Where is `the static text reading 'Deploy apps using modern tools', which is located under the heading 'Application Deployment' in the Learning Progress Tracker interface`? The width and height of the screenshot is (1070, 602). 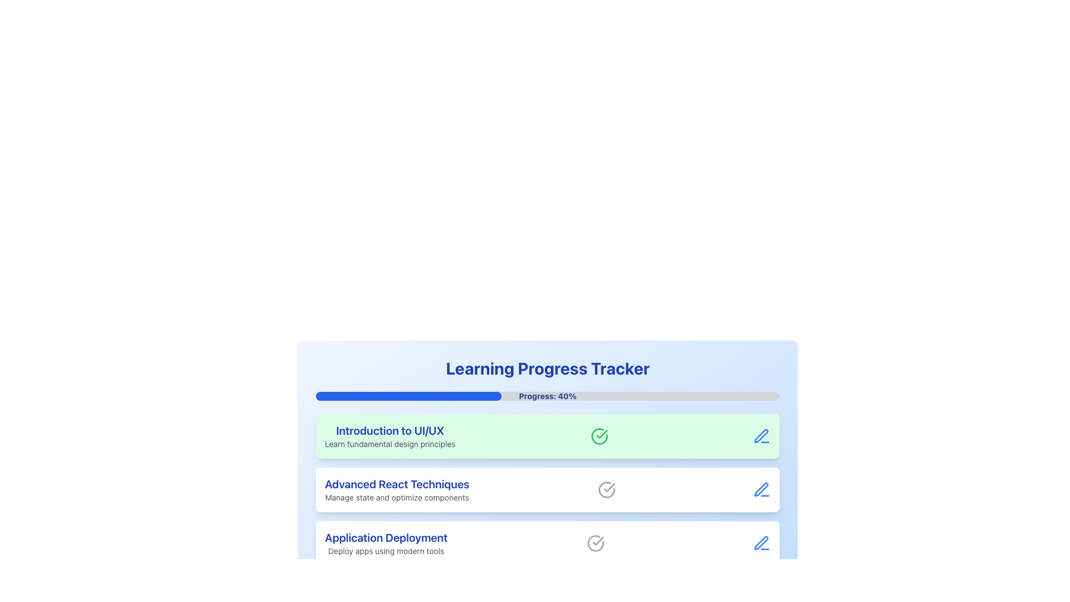
the static text reading 'Deploy apps using modern tools', which is located under the heading 'Application Deployment' in the Learning Progress Tracker interface is located at coordinates (386, 550).